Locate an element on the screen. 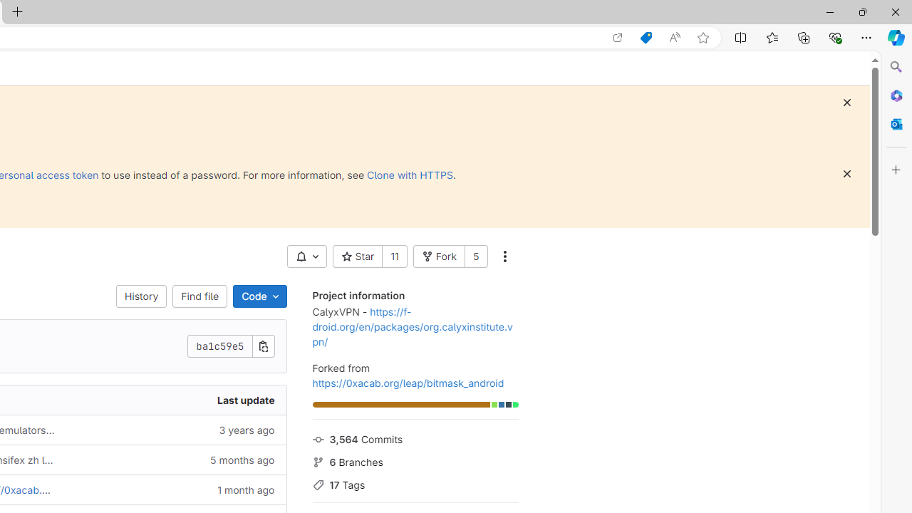 This screenshot has width=912, height=513. 'History' is located at coordinates (142, 296).